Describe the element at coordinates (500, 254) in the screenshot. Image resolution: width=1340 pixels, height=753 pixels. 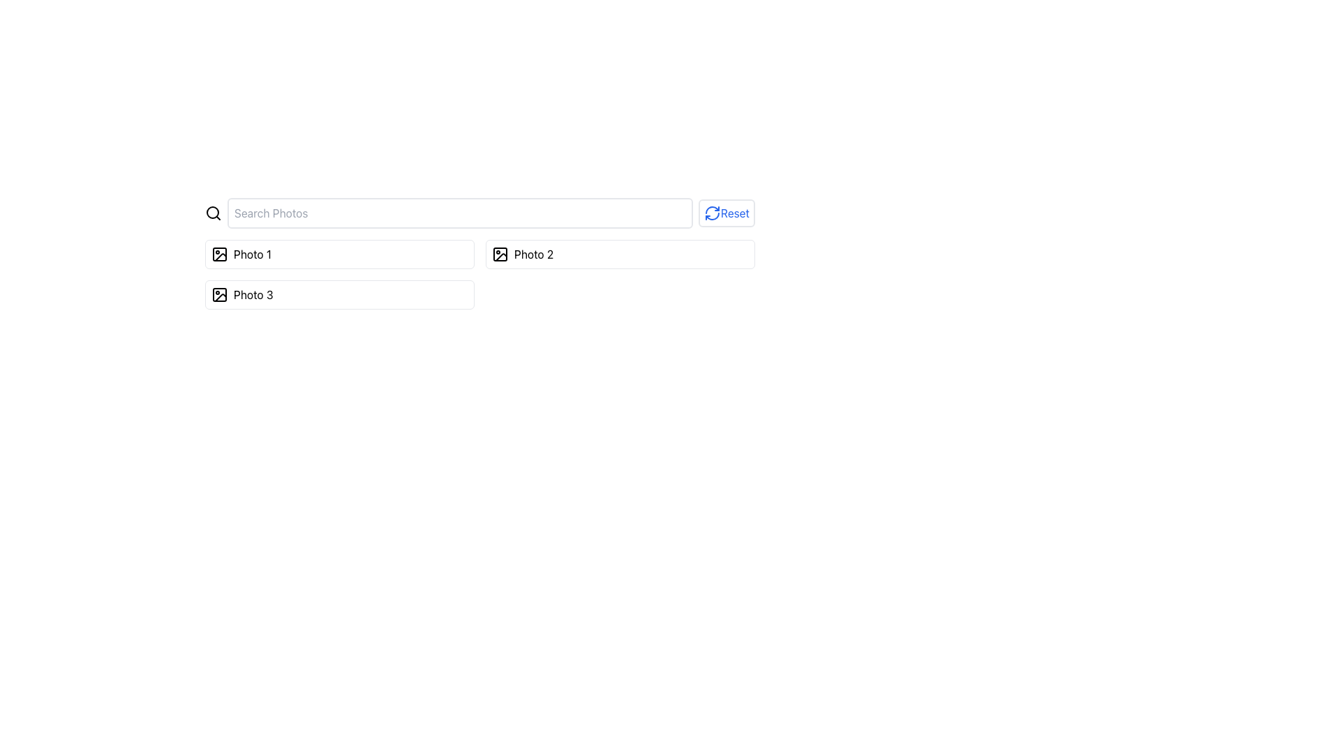
I see `the vector graphic element representing 'Photo 2' in the SVG component` at that location.